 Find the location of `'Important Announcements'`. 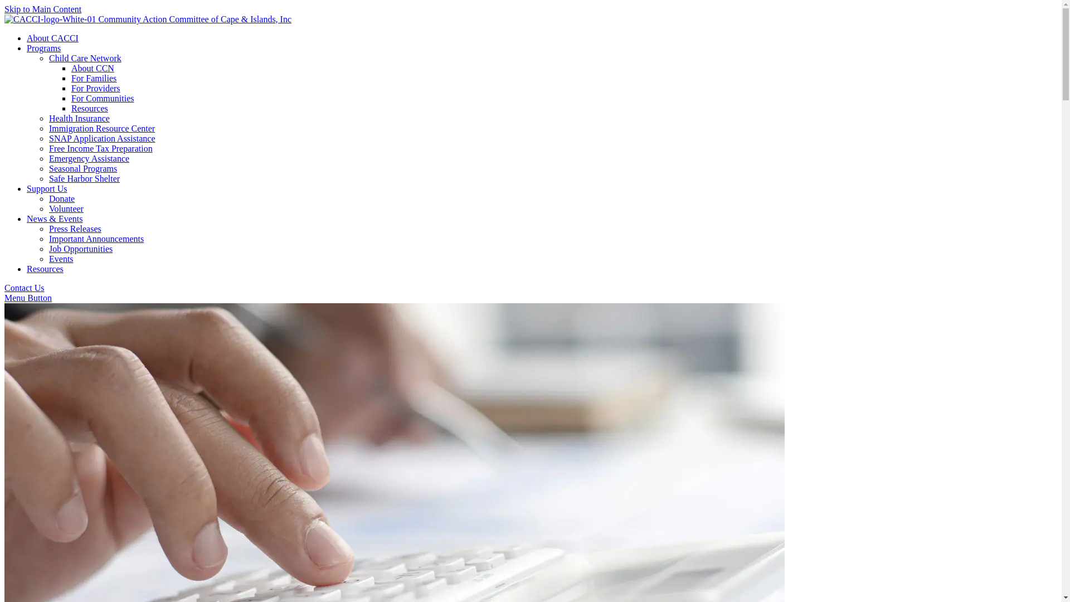

'Important Announcements' is located at coordinates (96, 238).